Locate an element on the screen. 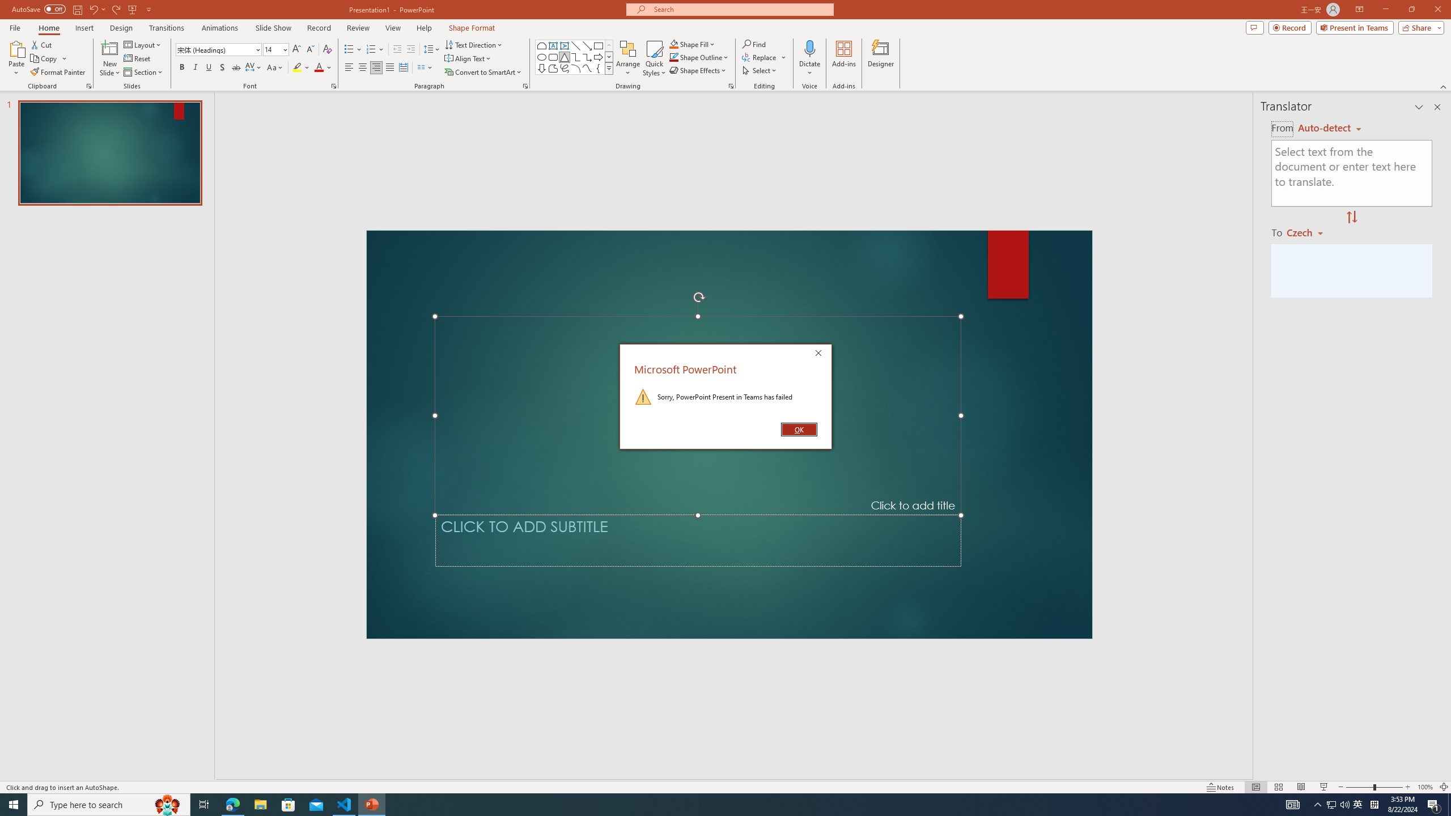 The image size is (1451, 816). 'Shape Outline Blue, Accent 1' is located at coordinates (674, 56).